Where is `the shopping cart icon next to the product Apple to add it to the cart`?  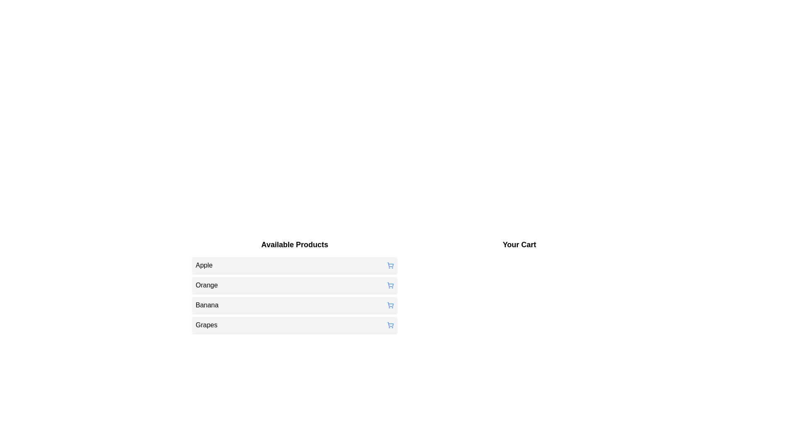 the shopping cart icon next to the product Apple to add it to the cart is located at coordinates (390, 265).